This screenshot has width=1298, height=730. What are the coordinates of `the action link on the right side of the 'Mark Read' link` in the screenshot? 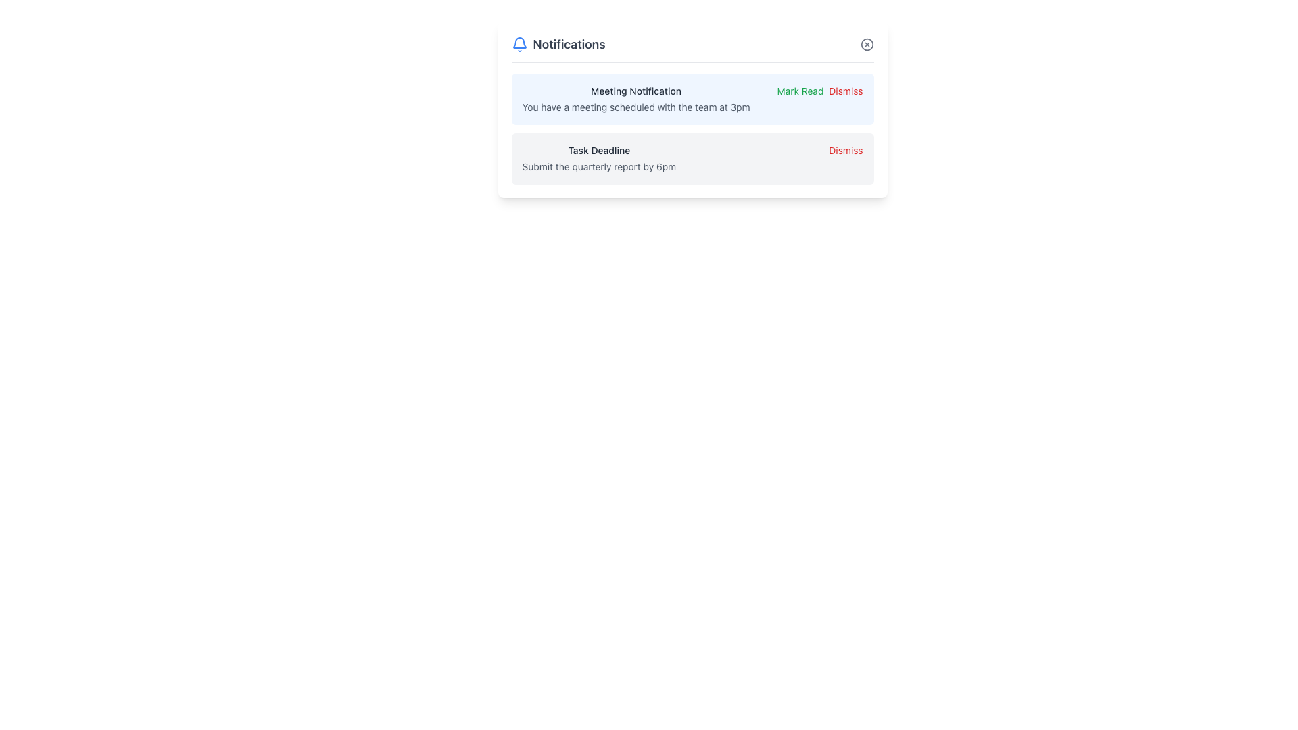 It's located at (845, 91).